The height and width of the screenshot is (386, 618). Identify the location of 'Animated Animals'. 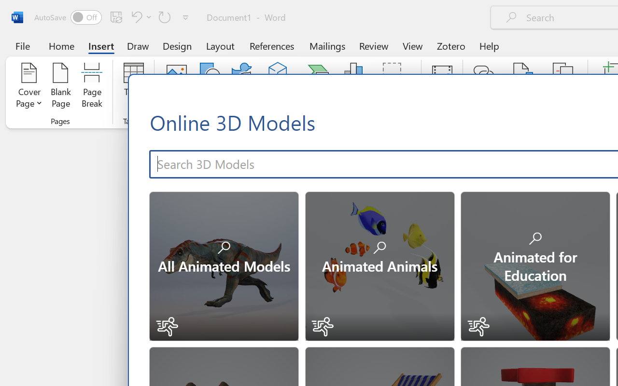
(379, 265).